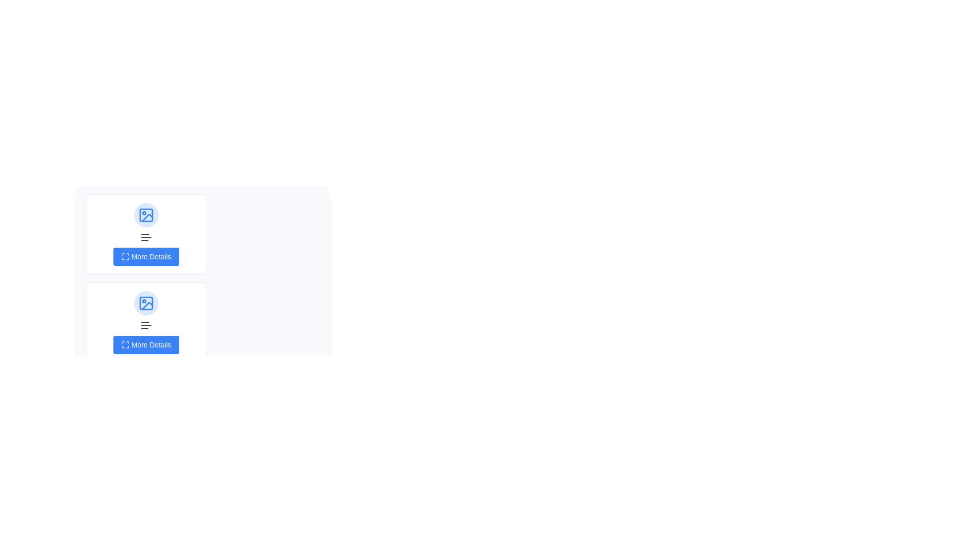  What do you see at coordinates (145, 326) in the screenshot?
I see `the list icon, which is represented by three horizontal lines in a light text color, located in the lower card above the 'More Details' button` at bounding box center [145, 326].